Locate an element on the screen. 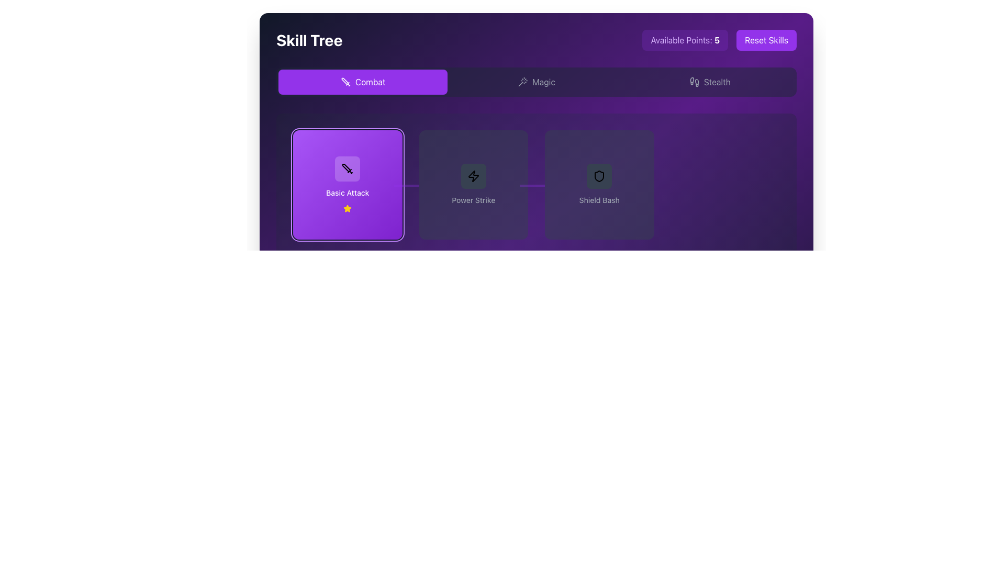  the 'Reset Skills' button with a purple background to observe its hover effect is located at coordinates (766, 40).